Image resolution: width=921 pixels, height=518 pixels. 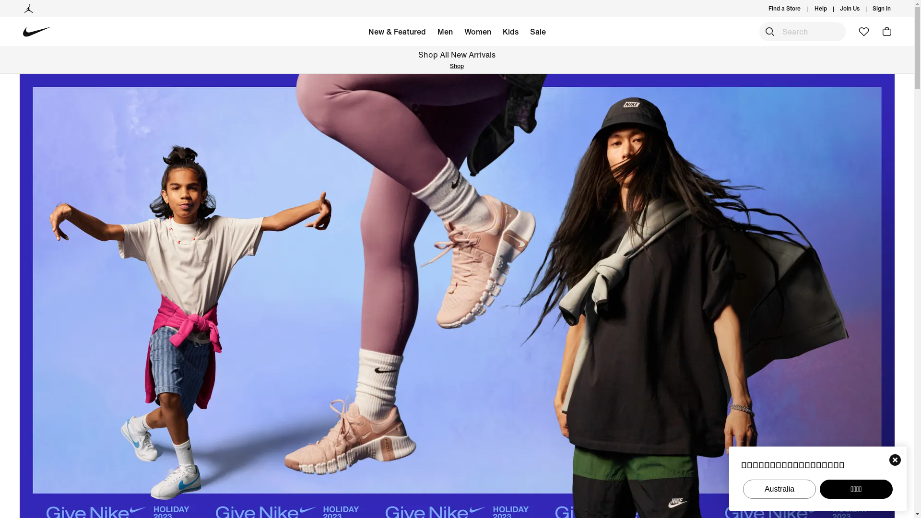 I want to click on 'Australia', so click(x=779, y=489).